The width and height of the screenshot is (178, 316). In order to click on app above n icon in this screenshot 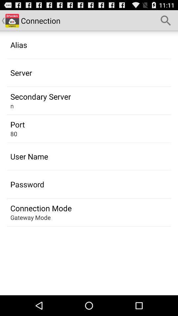, I will do `click(41, 96)`.